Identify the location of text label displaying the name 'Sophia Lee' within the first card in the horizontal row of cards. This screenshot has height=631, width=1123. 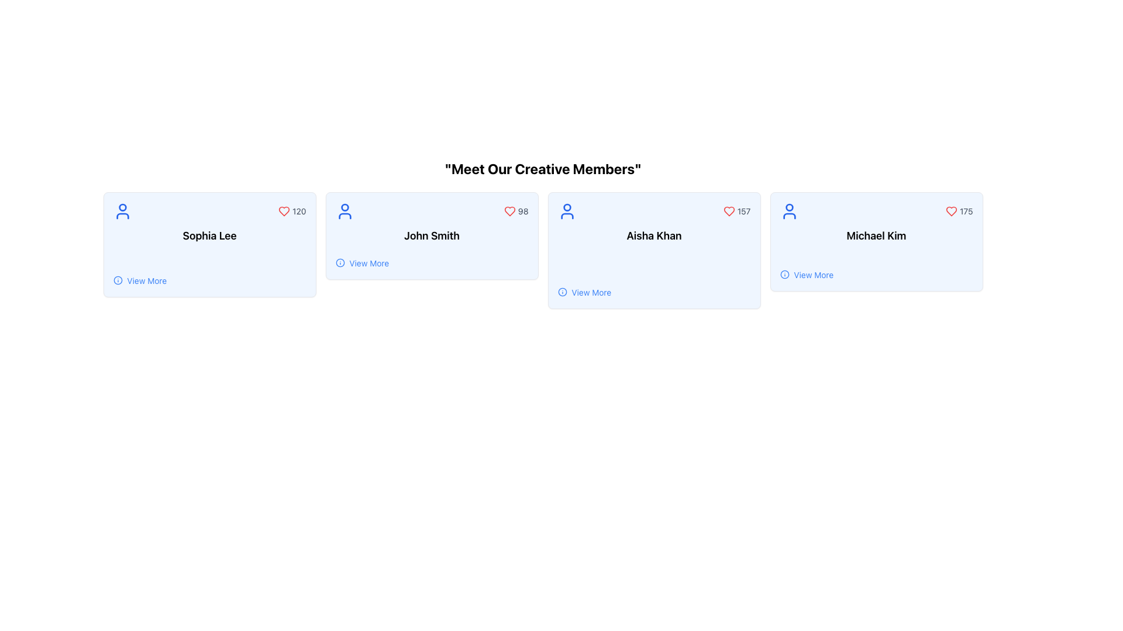
(209, 236).